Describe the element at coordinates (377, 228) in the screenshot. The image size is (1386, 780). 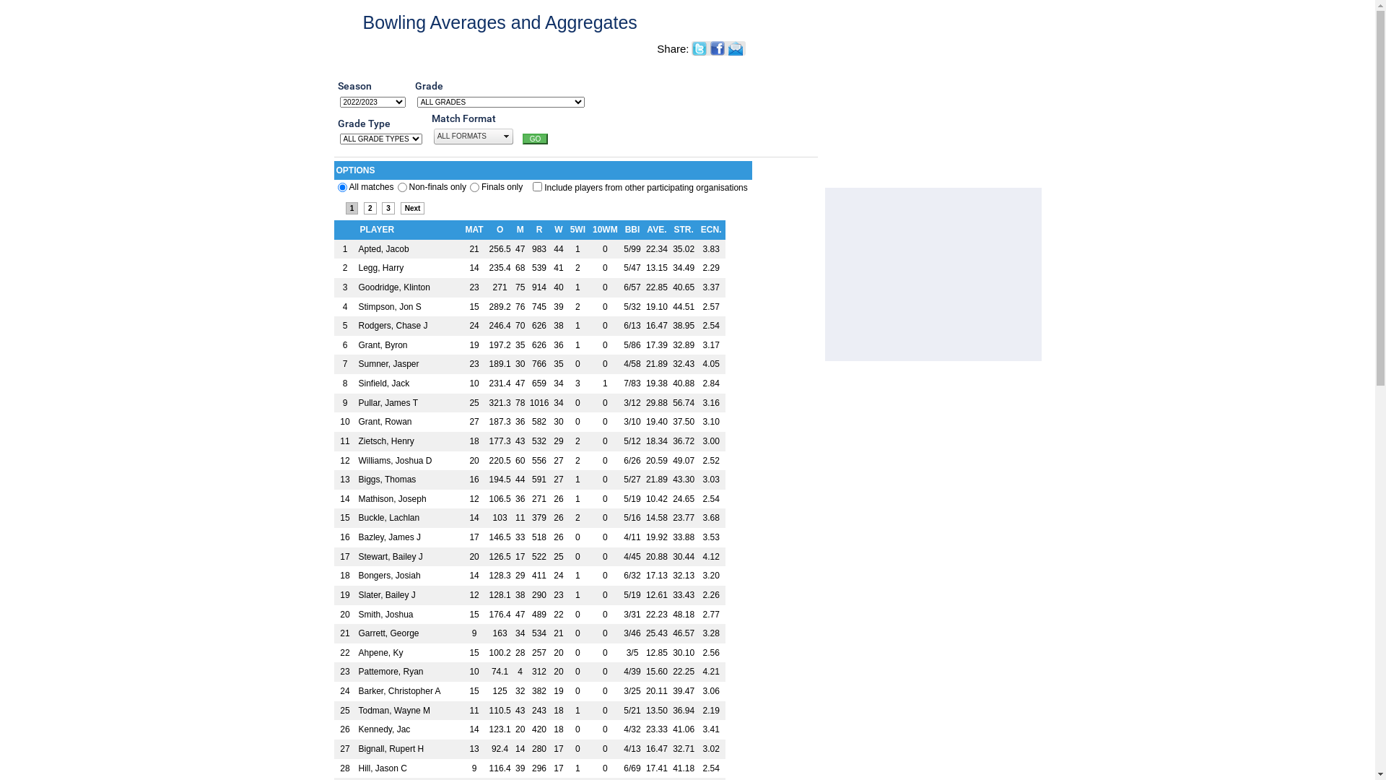
I see `'PLAYER'` at that location.